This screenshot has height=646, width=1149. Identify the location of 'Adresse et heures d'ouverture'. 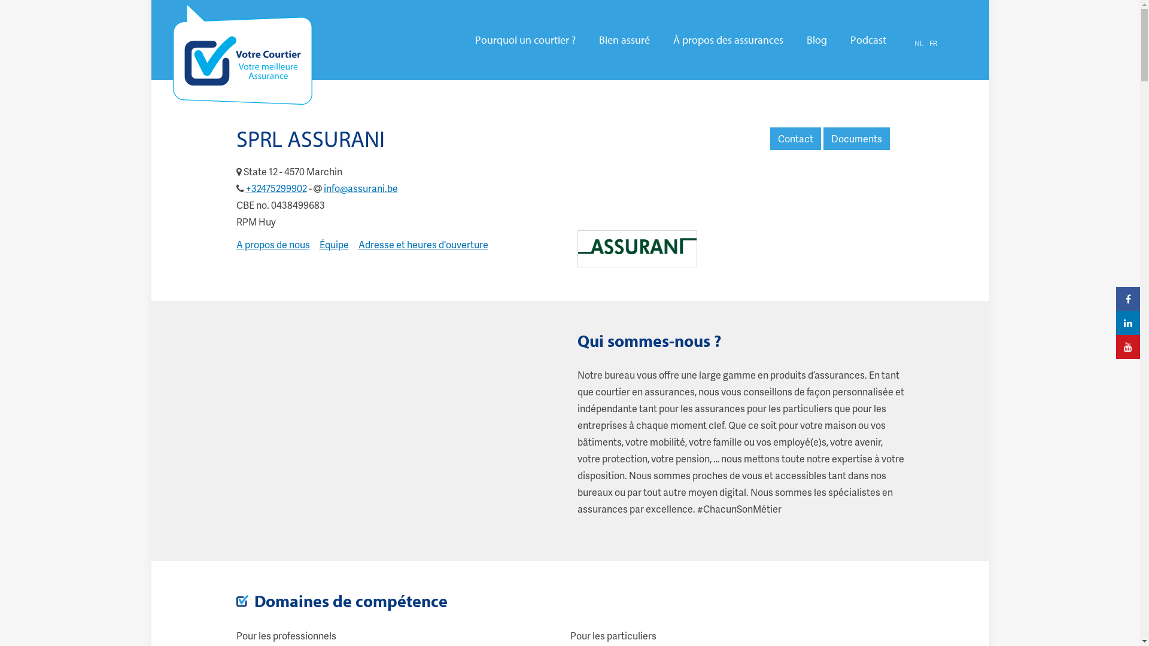
(422, 243).